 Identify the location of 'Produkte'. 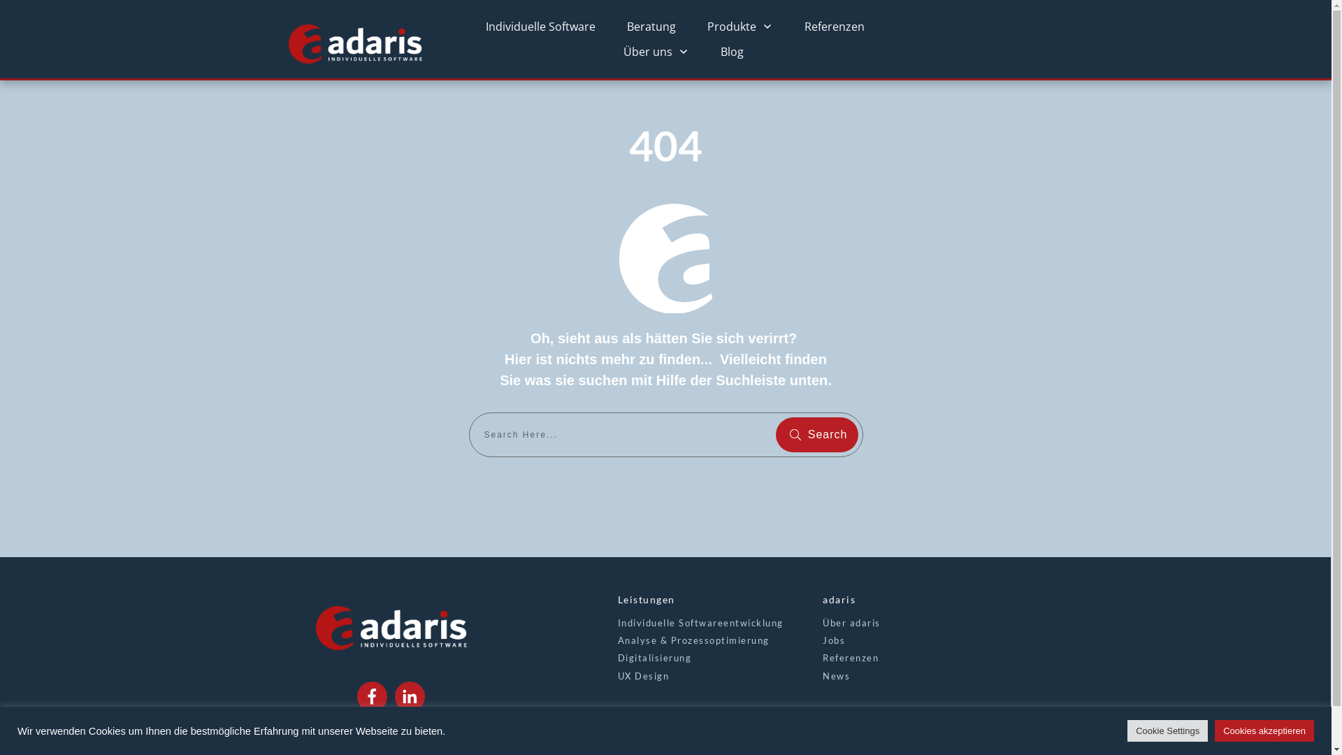
(739, 27).